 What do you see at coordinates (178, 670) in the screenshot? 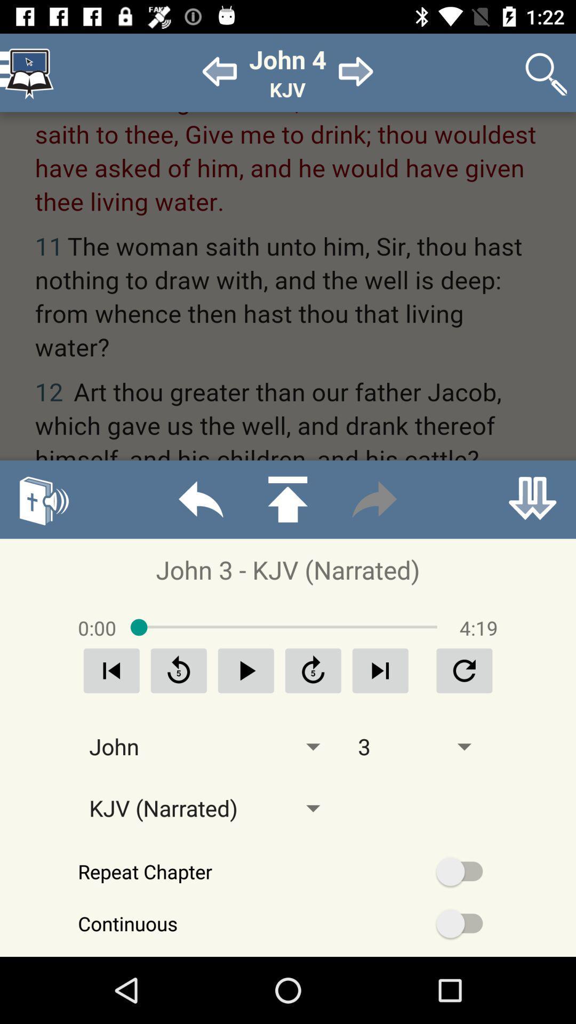
I see `go back` at bounding box center [178, 670].